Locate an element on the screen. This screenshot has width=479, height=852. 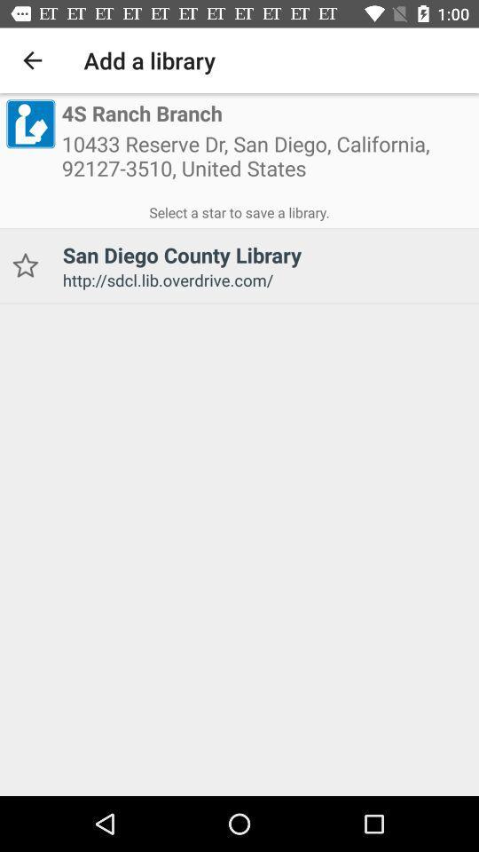
the icon next to the add a library icon is located at coordinates (32, 60).